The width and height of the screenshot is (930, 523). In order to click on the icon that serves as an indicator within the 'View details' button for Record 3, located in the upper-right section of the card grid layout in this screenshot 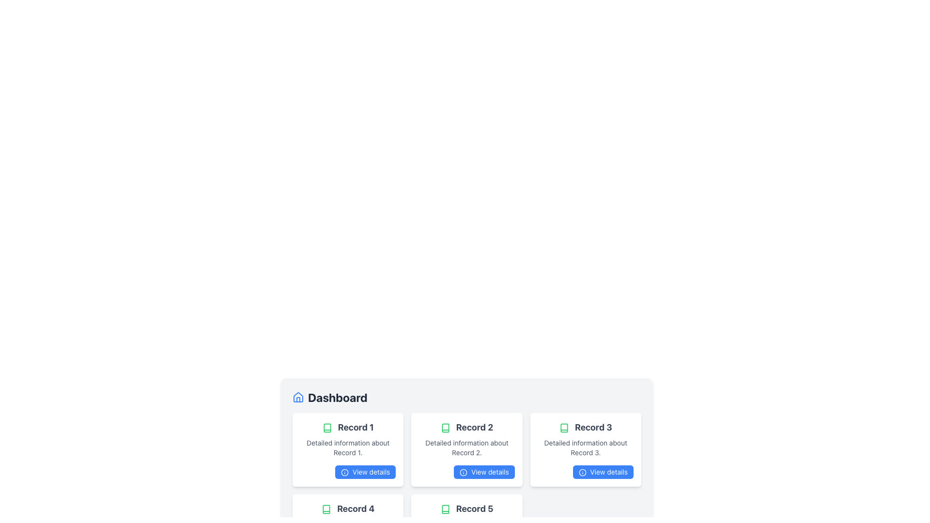, I will do `click(582, 472)`.